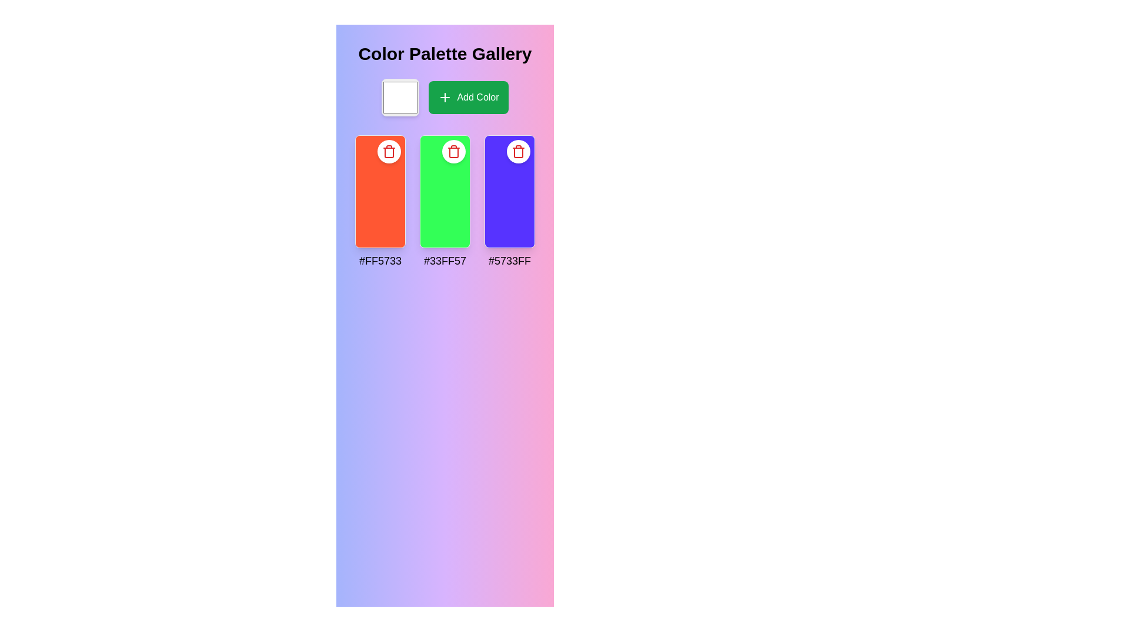 This screenshot has height=635, width=1129. I want to click on text from the header element displayed in large, bold black font, which is centered at the top of the page, above the input box and the green 'Add Color' button, so click(445, 54).